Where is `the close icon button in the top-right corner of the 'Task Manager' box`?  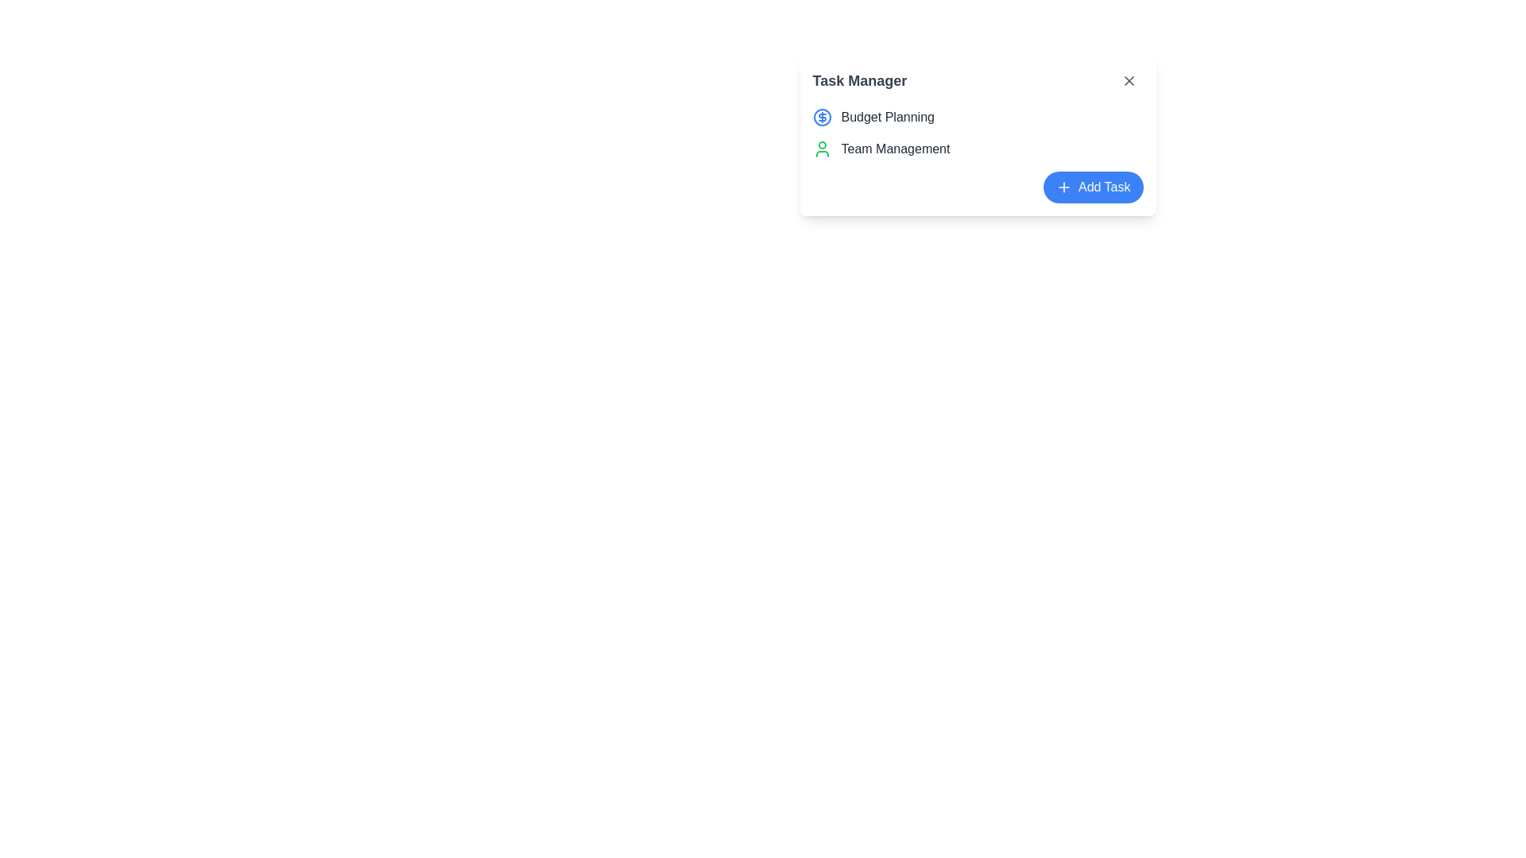 the close icon button in the top-right corner of the 'Task Manager' box is located at coordinates (1128, 80).